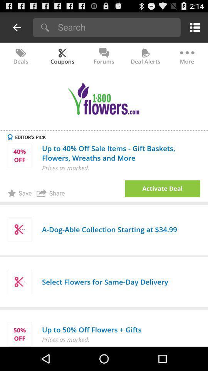  What do you see at coordinates (19, 192) in the screenshot?
I see `save item` at bounding box center [19, 192].